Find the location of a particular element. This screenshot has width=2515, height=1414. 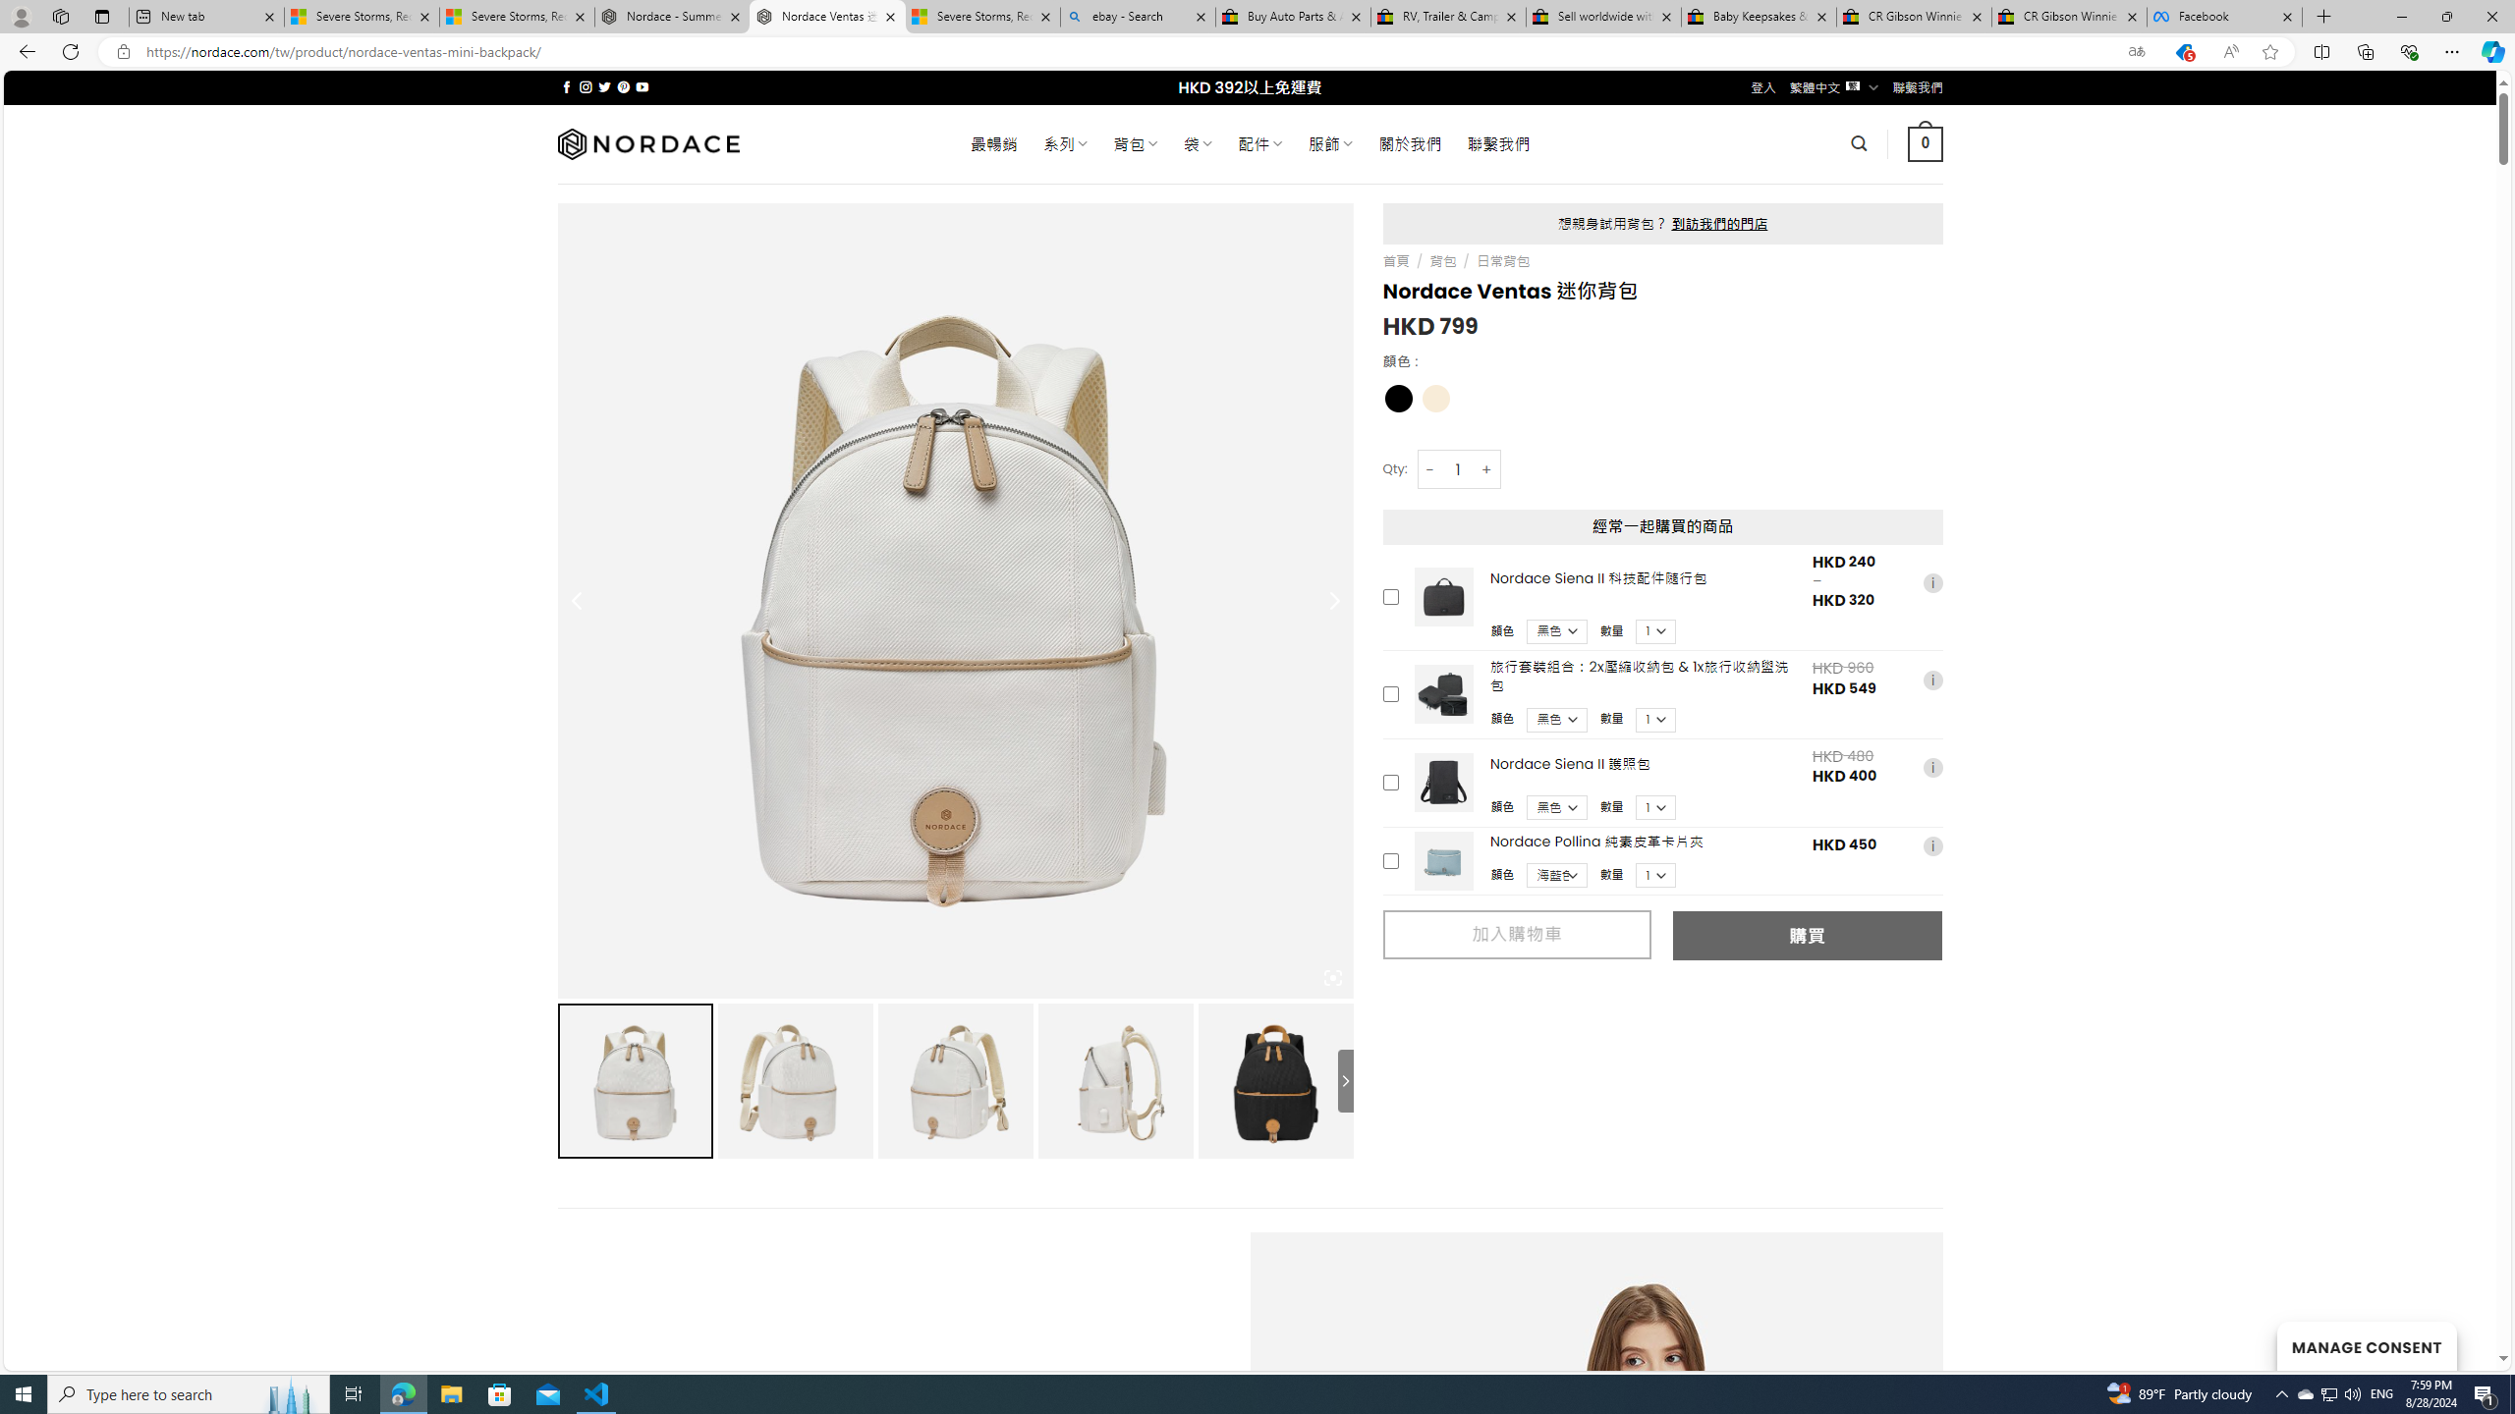

' 0 ' is located at coordinates (1926, 142).